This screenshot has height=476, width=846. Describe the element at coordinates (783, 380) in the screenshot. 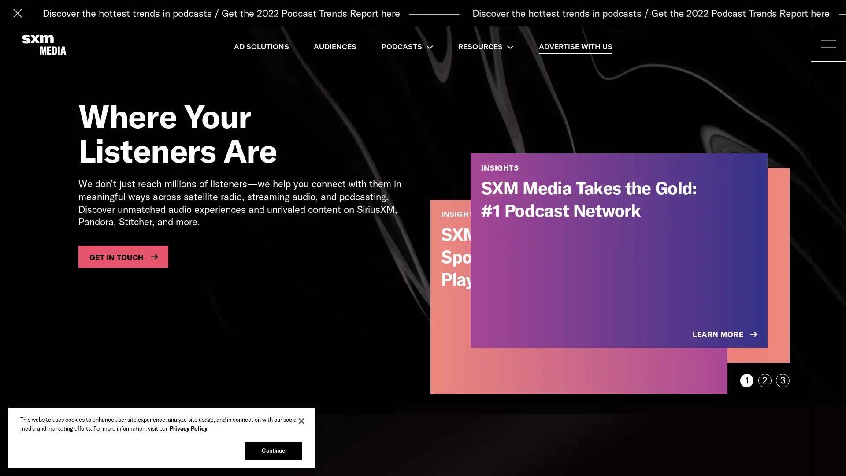

I see `3` at that location.